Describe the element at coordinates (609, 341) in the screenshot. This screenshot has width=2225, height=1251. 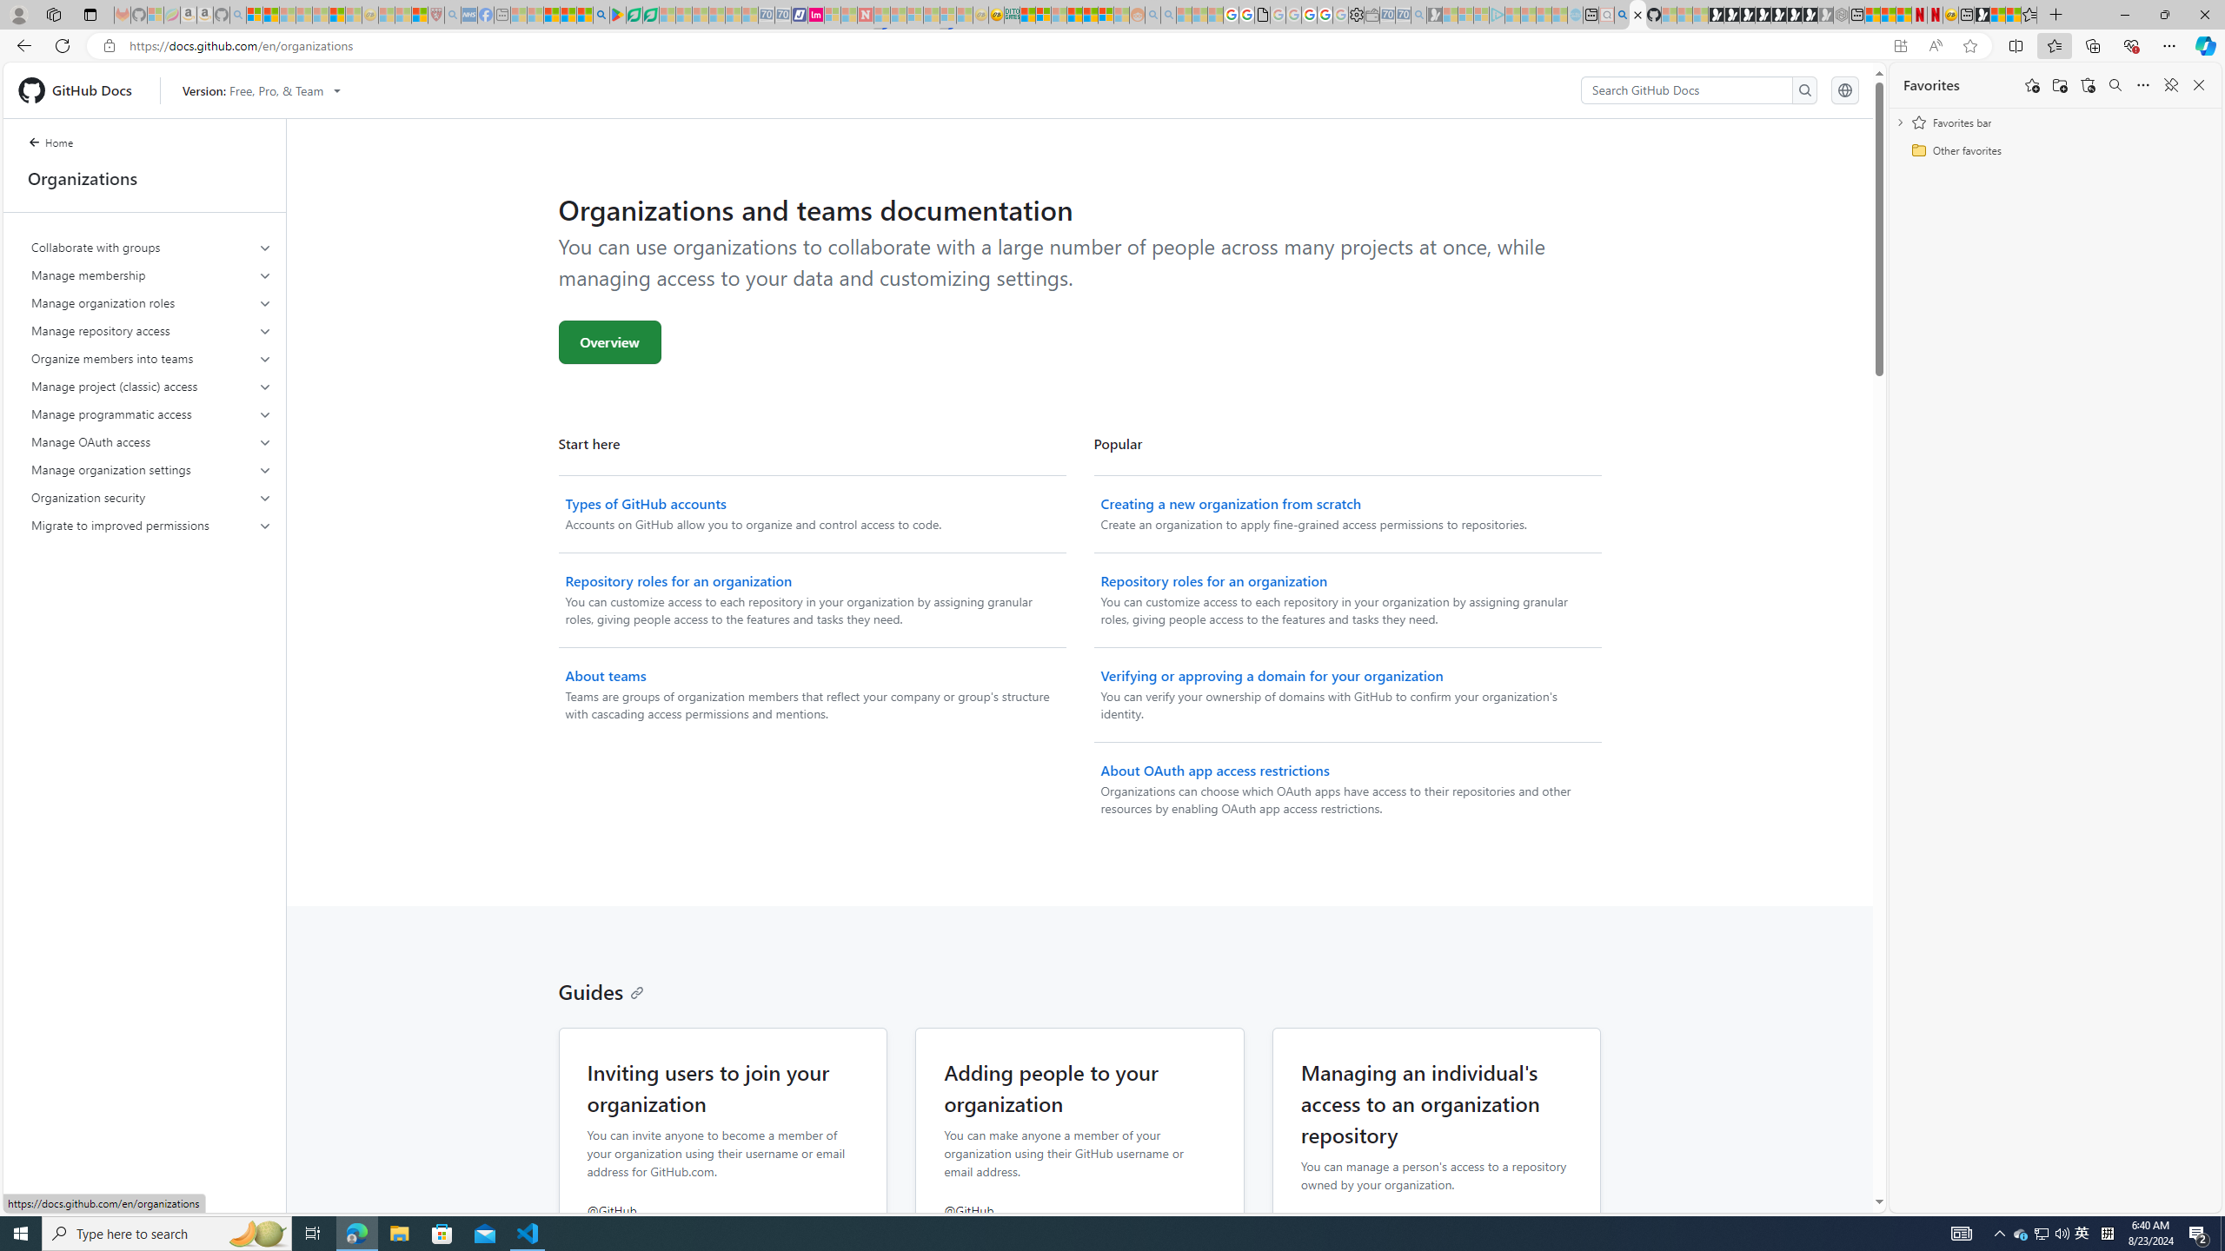
I see `'Overview'` at that location.